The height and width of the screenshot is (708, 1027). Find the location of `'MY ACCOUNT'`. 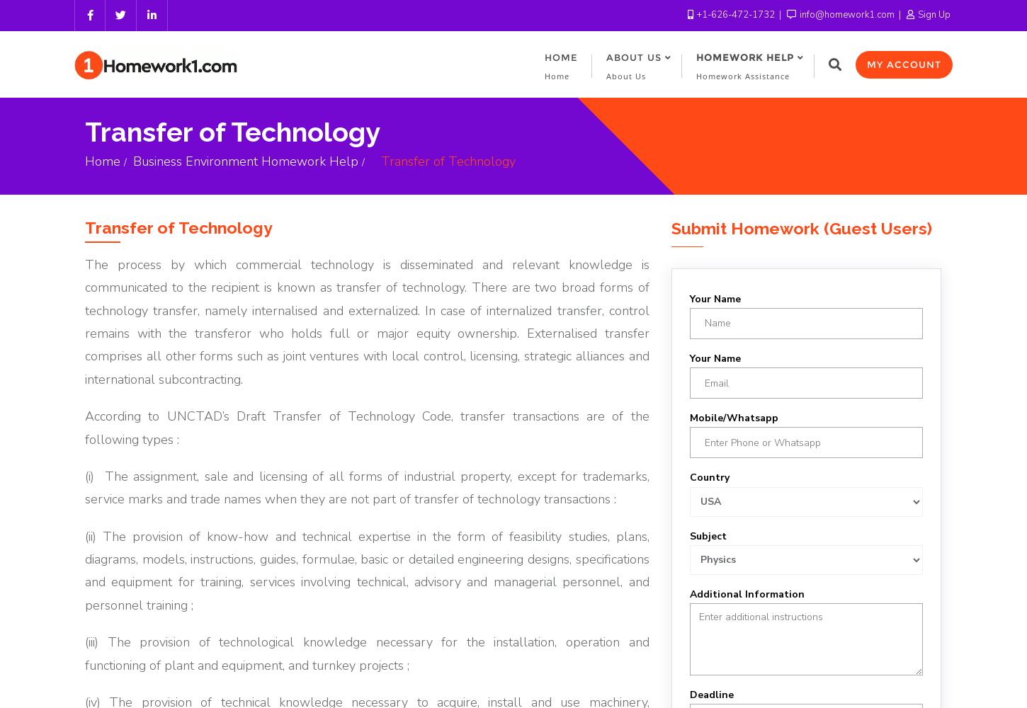

'MY ACCOUNT' is located at coordinates (904, 64).